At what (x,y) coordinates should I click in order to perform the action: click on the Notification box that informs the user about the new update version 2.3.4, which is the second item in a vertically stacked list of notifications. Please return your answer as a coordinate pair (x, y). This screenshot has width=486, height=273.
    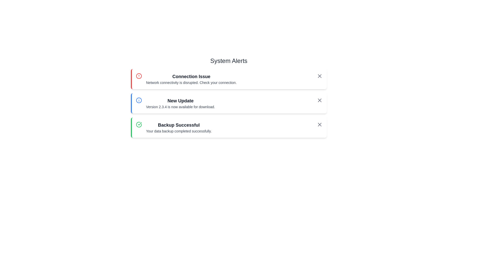
    Looking at the image, I should click on (228, 103).